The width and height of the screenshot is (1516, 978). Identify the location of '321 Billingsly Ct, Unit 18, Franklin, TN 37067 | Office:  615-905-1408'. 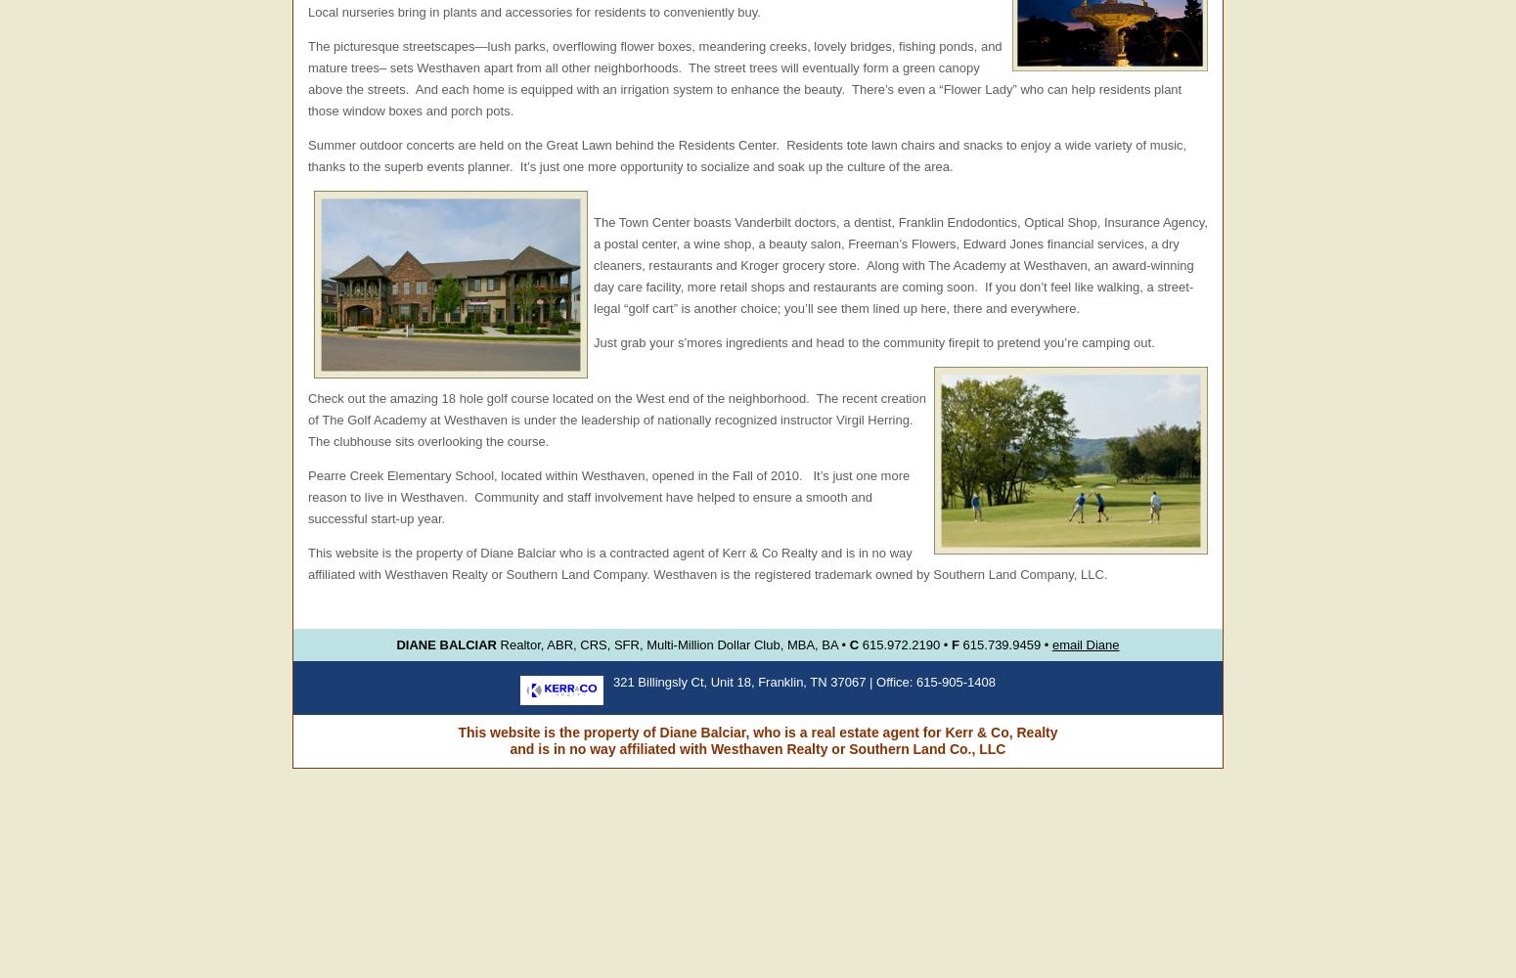
(611, 681).